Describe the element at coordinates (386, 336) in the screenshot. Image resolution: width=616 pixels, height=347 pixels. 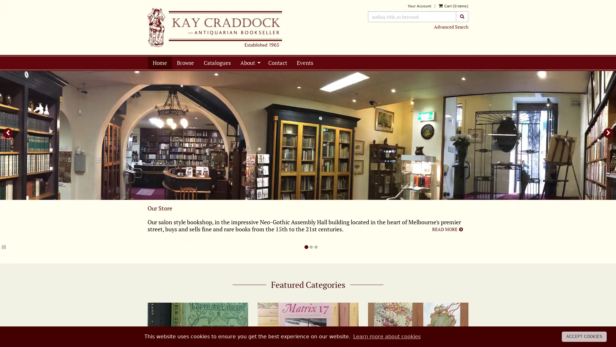
I see `learn more about cookies` at that location.